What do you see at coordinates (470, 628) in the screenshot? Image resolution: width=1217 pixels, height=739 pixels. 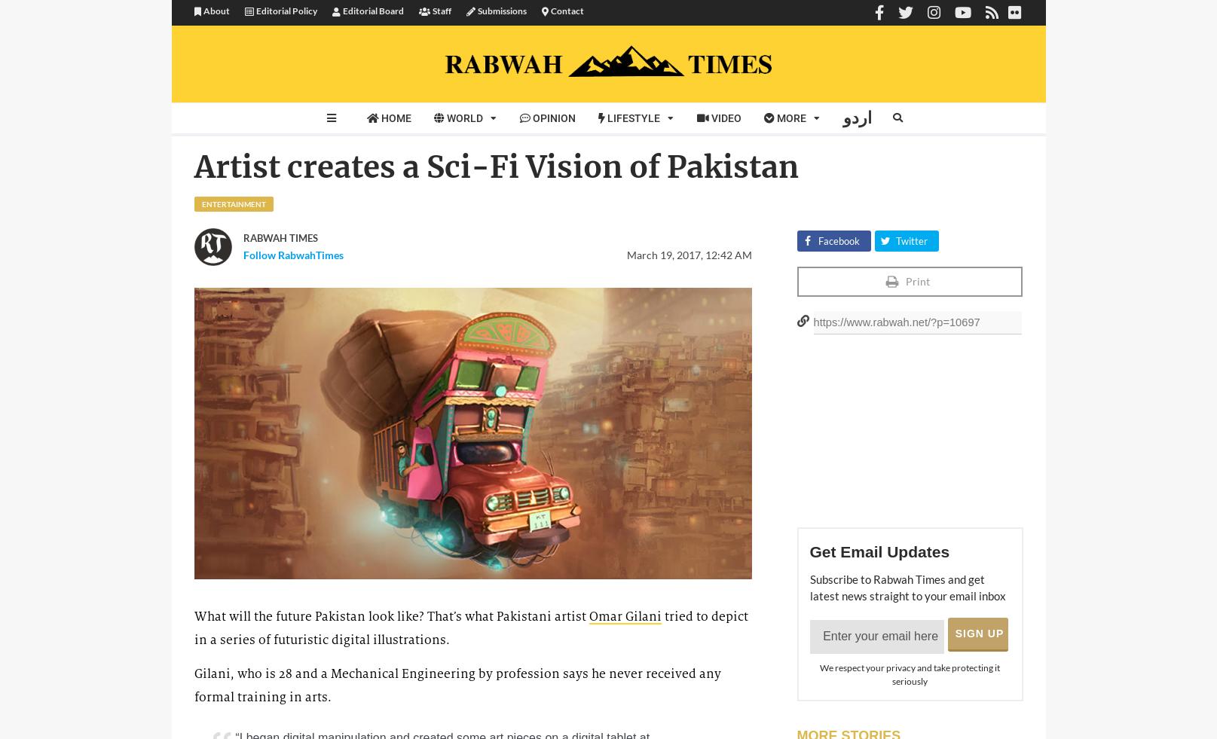 I see `'tried to depict in a series of futuristic digital illustrations.'` at bounding box center [470, 628].